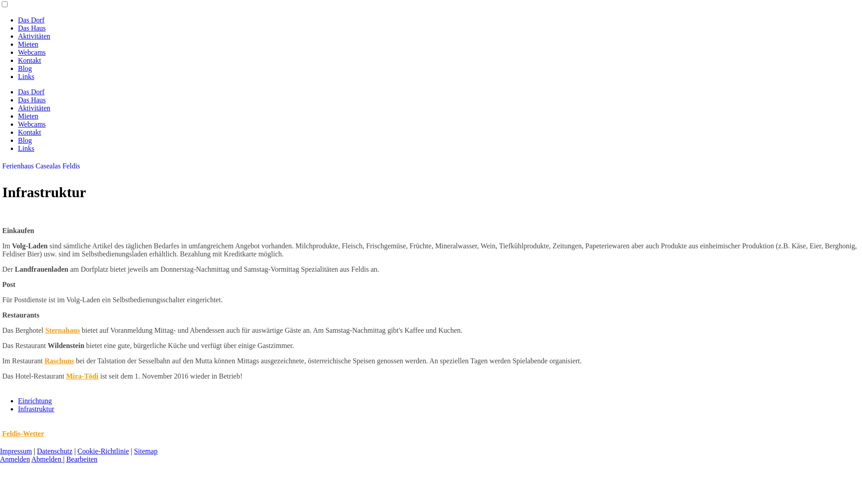 The height and width of the screenshot is (485, 862). What do you see at coordinates (145, 451) in the screenshot?
I see `'Sitemap'` at bounding box center [145, 451].